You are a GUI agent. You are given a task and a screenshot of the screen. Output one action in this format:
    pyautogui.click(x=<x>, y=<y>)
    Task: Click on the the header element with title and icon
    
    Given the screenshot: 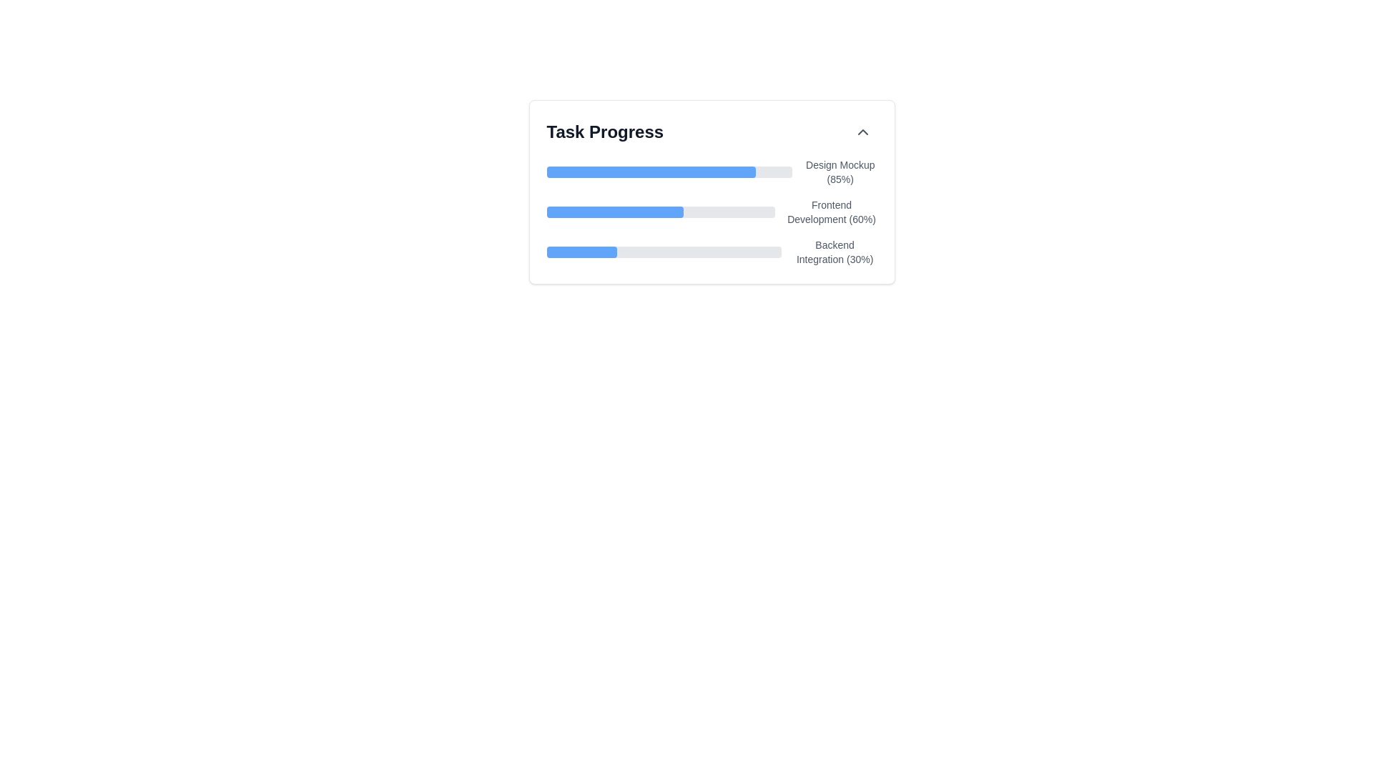 What is the action you would take?
    pyautogui.click(x=712, y=132)
    